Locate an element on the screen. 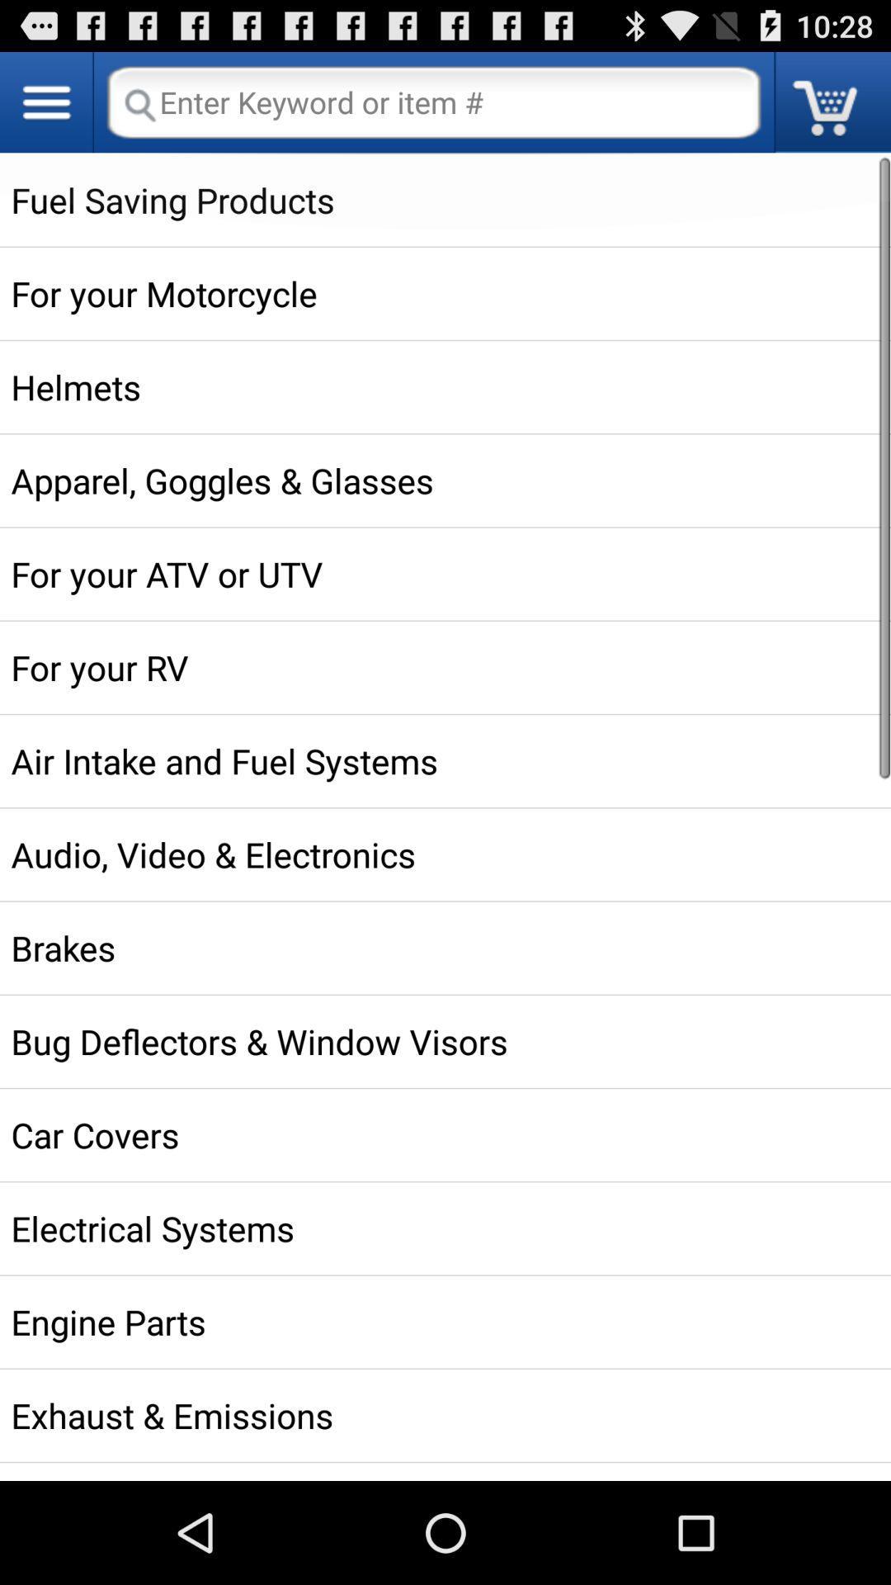 This screenshot has height=1585, width=891. the cart icon is located at coordinates (832, 108).